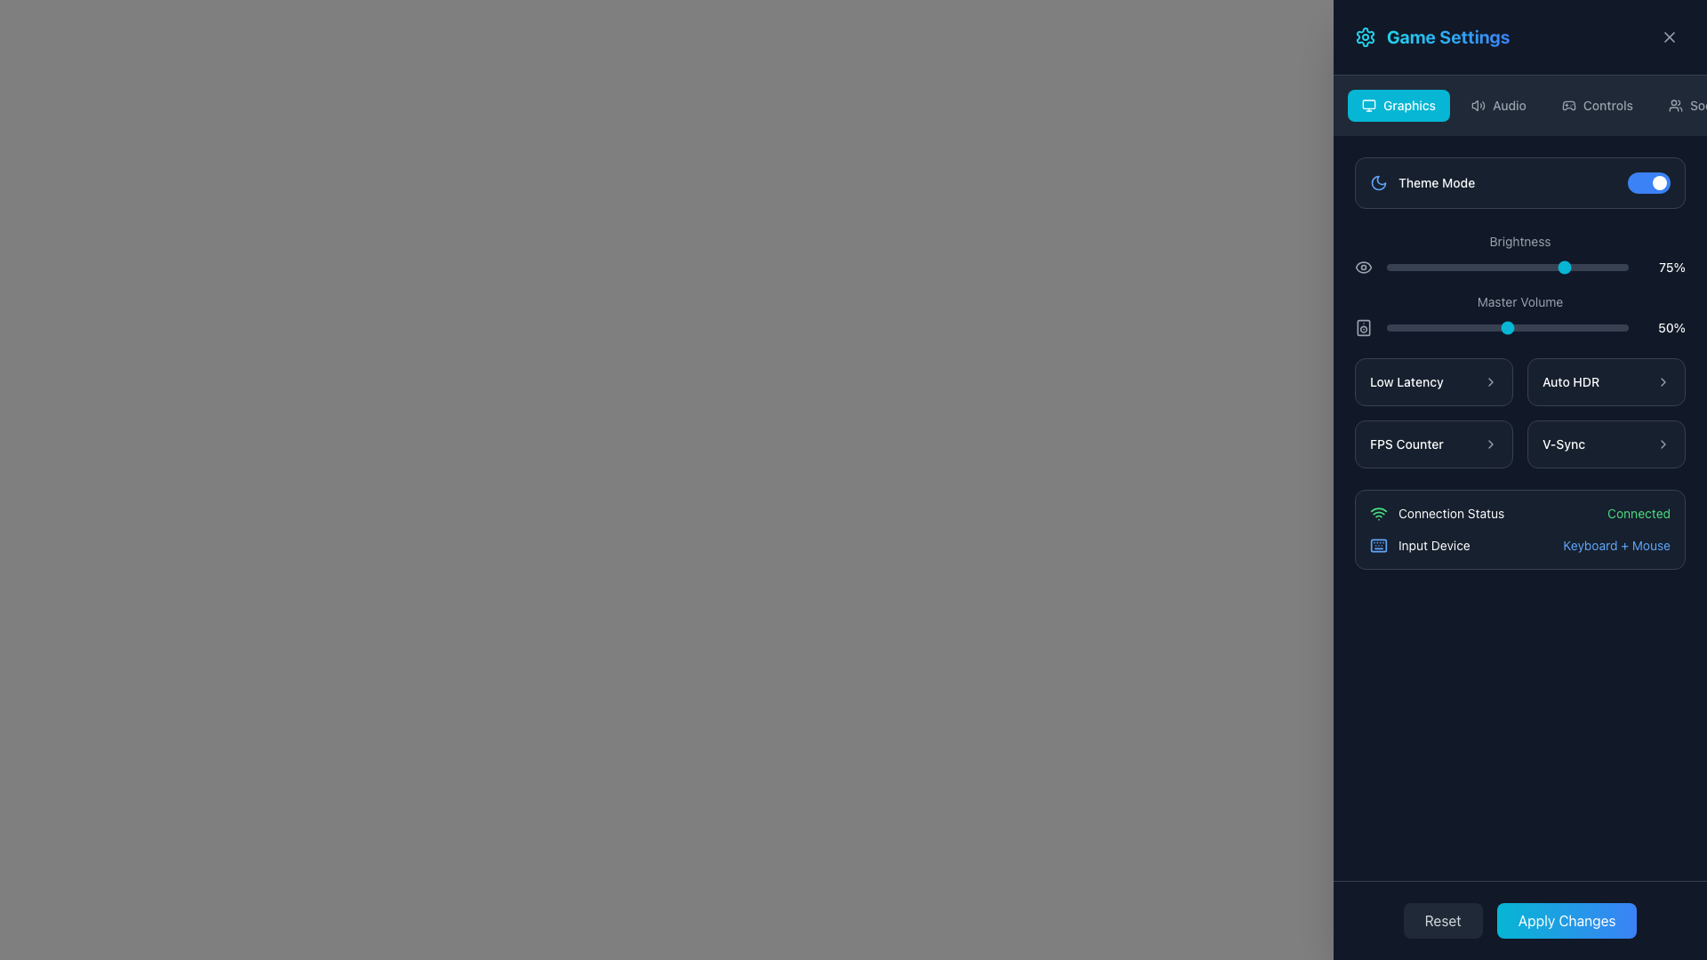 Image resolution: width=1707 pixels, height=960 pixels. Describe the element at coordinates (1437, 182) in the screenshot. I see `the 'Theme Mode' text label element, which is styled in a small-sized, medium-weight font and is part of the theme mode settings in the upper portion of the settings panel` at that location.